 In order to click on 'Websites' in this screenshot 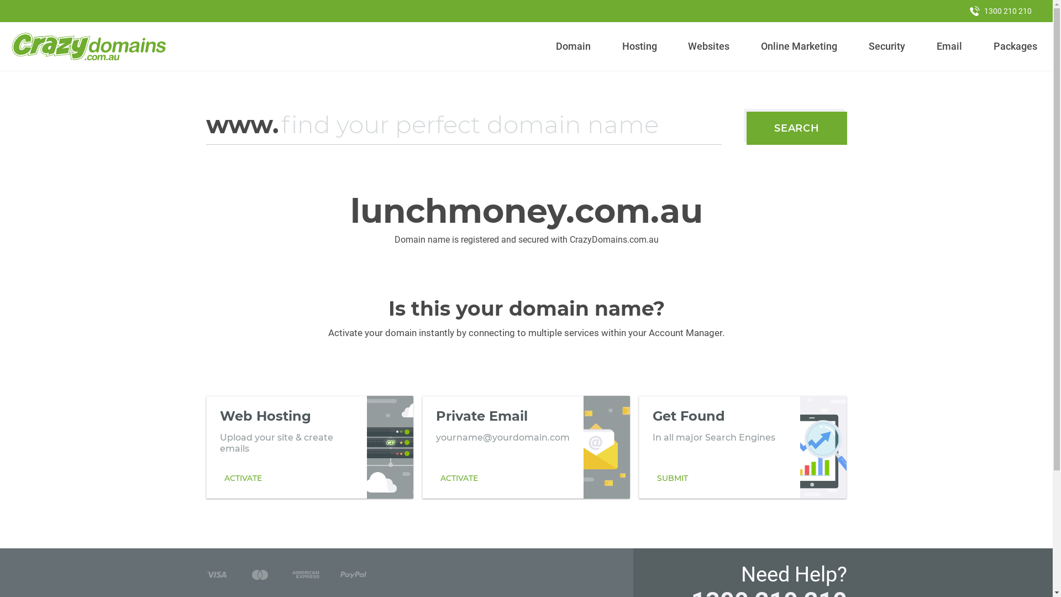, I will do `click(708, 46)`.